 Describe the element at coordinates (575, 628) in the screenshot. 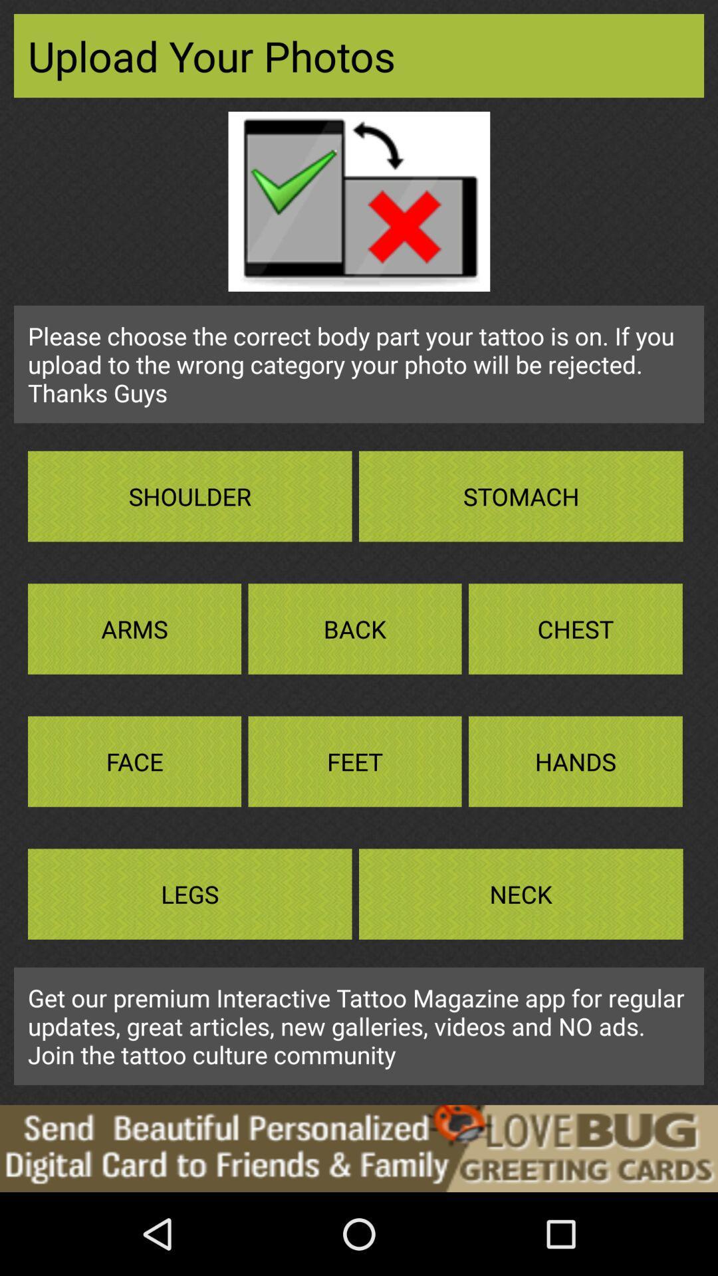

I see `button above hands` at that location.